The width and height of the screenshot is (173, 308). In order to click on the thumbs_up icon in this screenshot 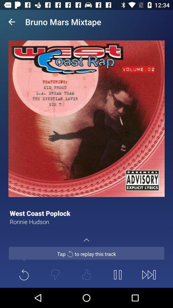, I will do `click(86, 274)`.